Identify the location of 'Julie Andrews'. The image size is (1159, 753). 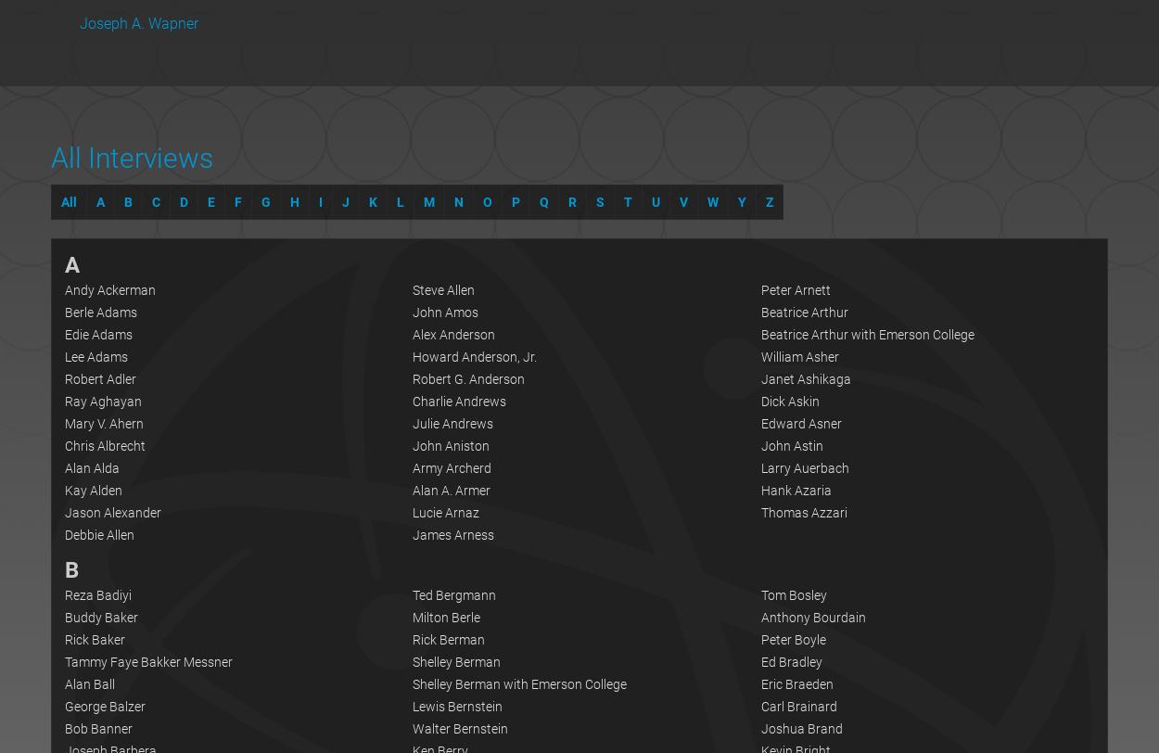
(452, 423).